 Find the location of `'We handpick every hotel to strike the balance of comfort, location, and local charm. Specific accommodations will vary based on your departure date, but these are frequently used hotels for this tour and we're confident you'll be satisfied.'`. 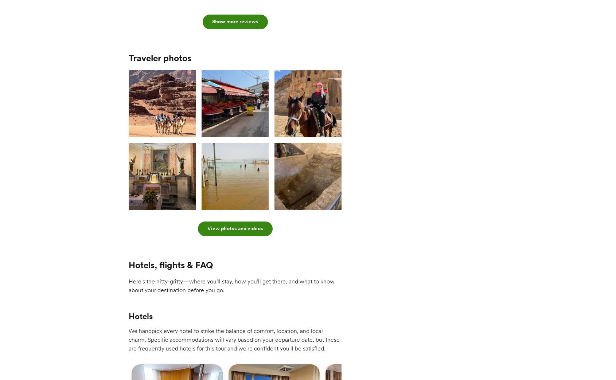

'We handpick every hotel to strike the balance of comfort, location, and local charm. Specific accommodations will vary based on your departure date, but these are frequently used hotels for this tour and we're confident you'll be satisfied.' is located at coordinates (234, 344).